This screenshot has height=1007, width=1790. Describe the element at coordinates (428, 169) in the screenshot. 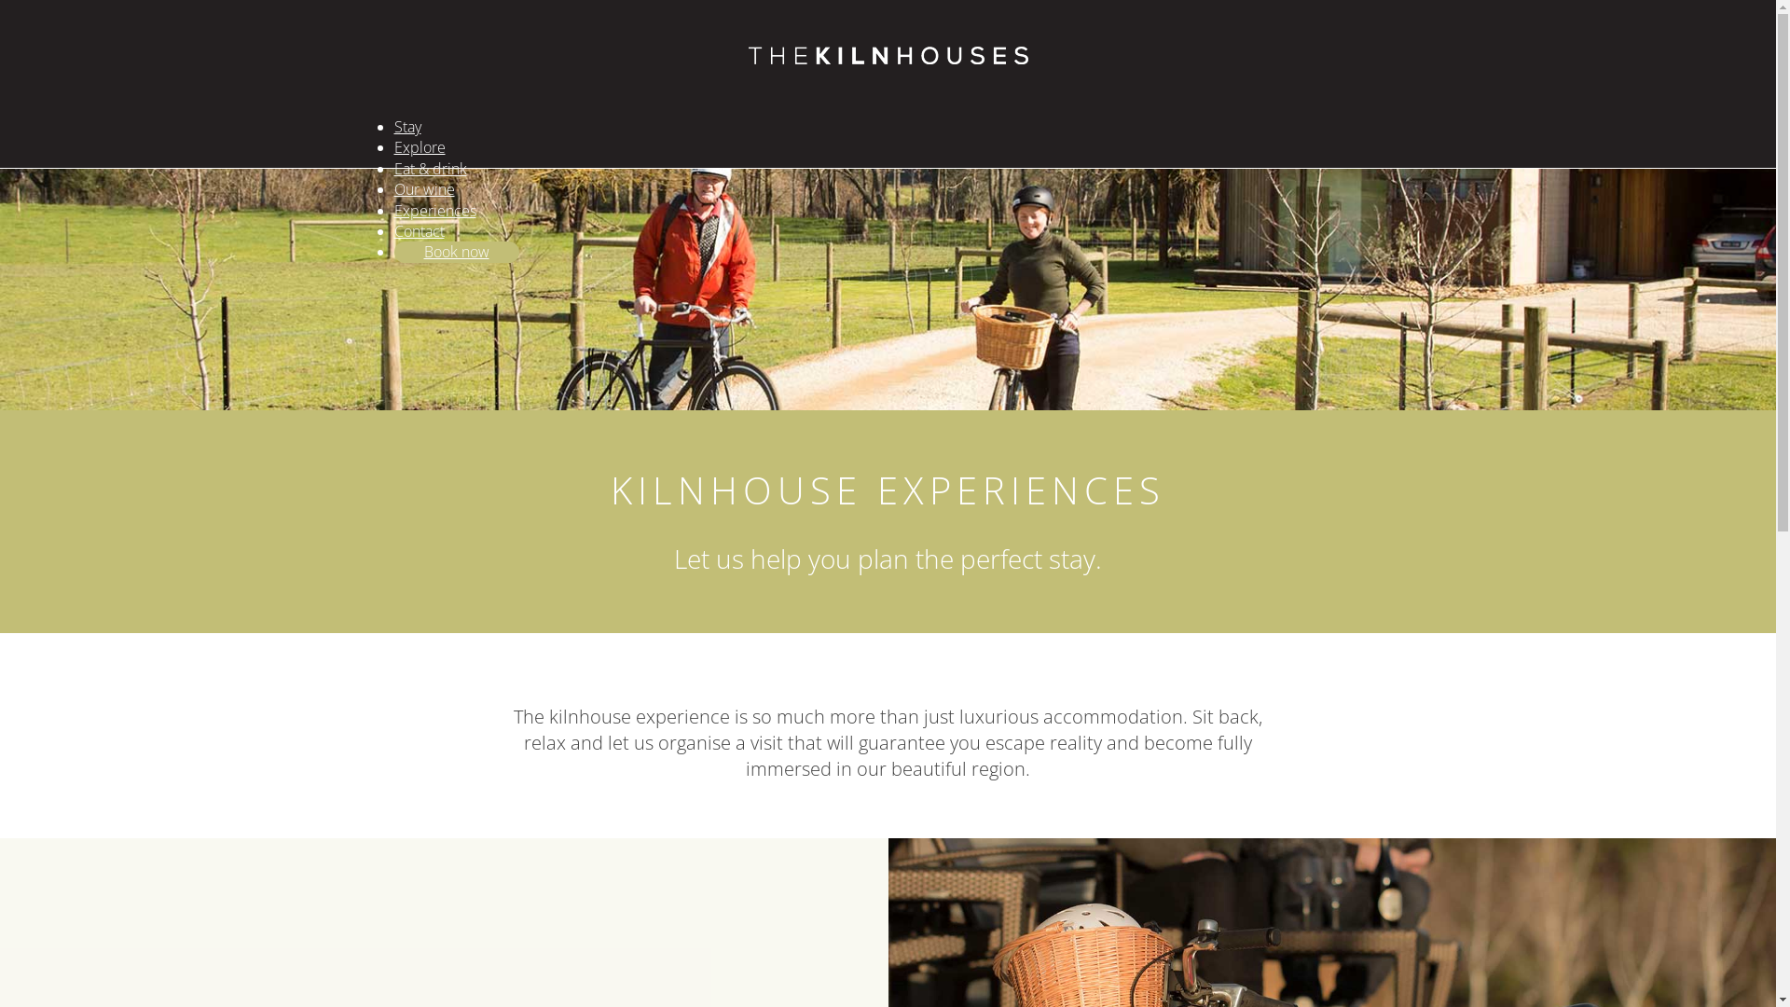

I see `'Eat & drink'` at that location.